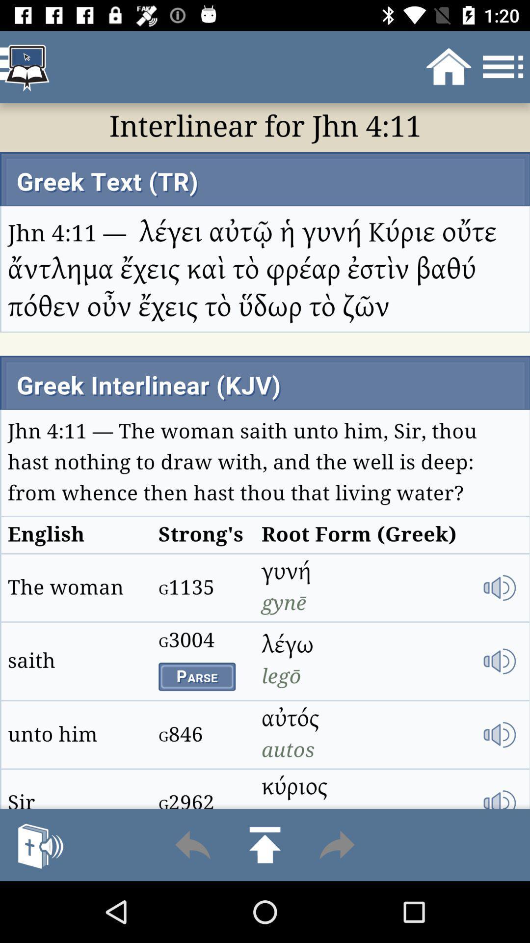  Describe the element at coordinates (265, 844) in the screenshot. I see `shows download option` at that location.